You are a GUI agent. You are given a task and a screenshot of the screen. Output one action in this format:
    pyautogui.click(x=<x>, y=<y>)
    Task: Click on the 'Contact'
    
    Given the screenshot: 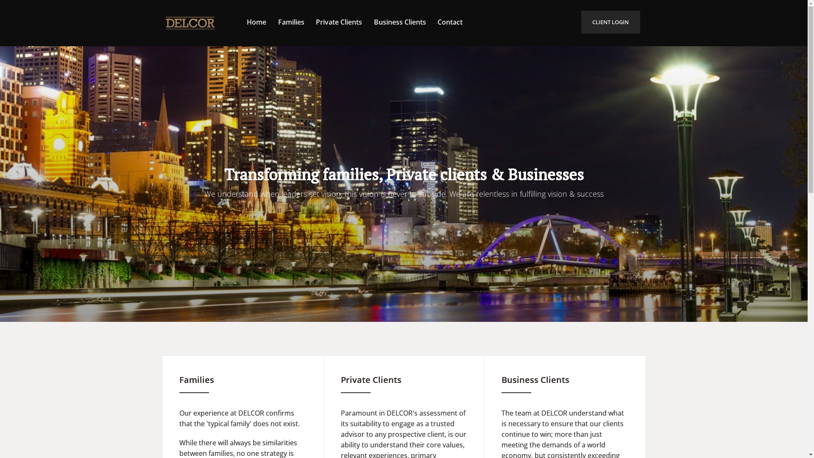 What is the action you would take?
    pyautogui.click(x=449, y=21)
    